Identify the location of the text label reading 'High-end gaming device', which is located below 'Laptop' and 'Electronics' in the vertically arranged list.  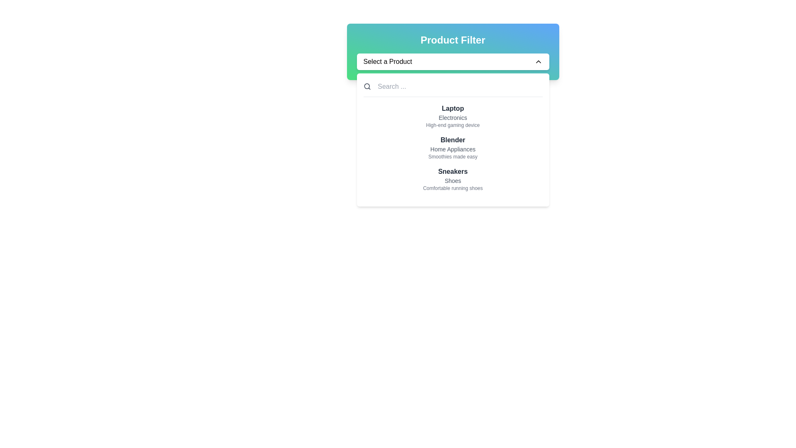
(452, 125).